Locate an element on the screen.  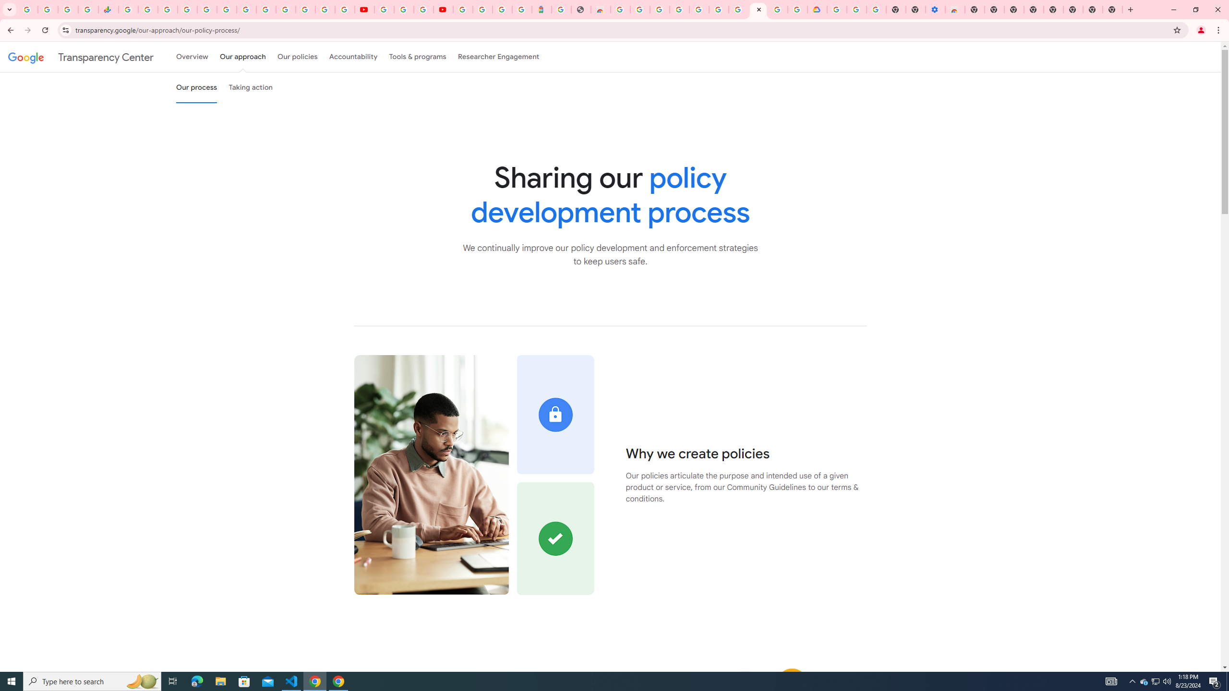
'Content Creator Programs & Opportunities - YouTube Creators' is located at coordinates (442, 9).